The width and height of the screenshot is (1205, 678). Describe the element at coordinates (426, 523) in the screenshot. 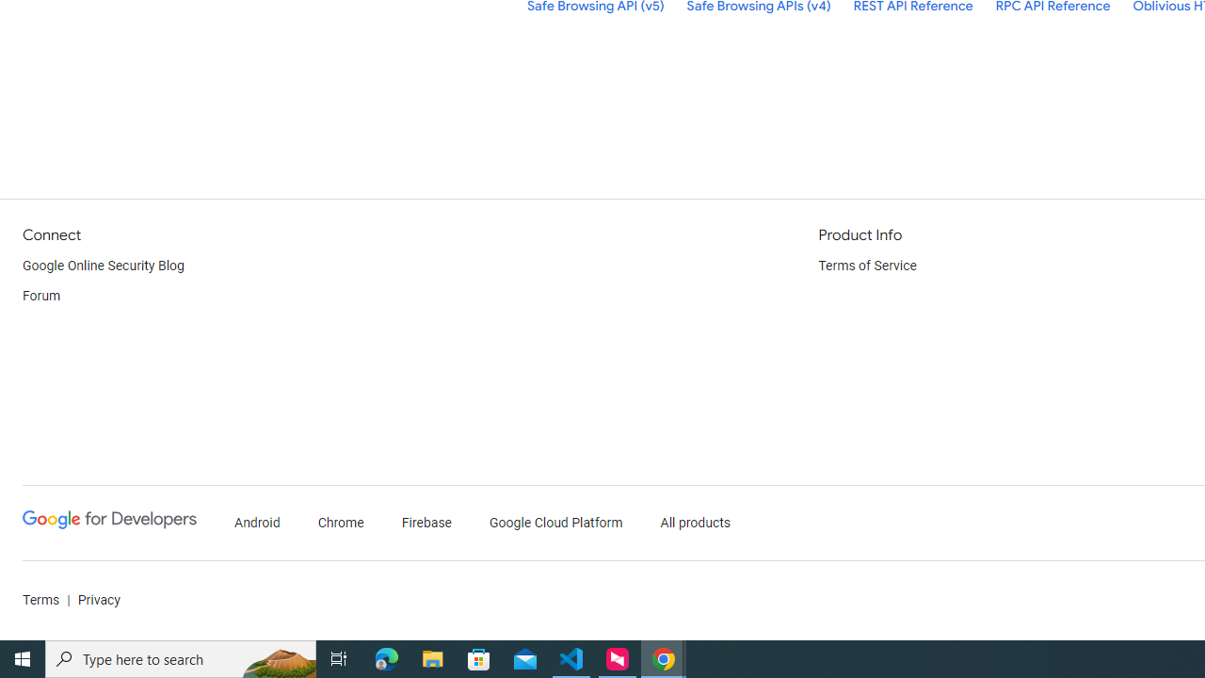

I see `'Firebase'` at that location.